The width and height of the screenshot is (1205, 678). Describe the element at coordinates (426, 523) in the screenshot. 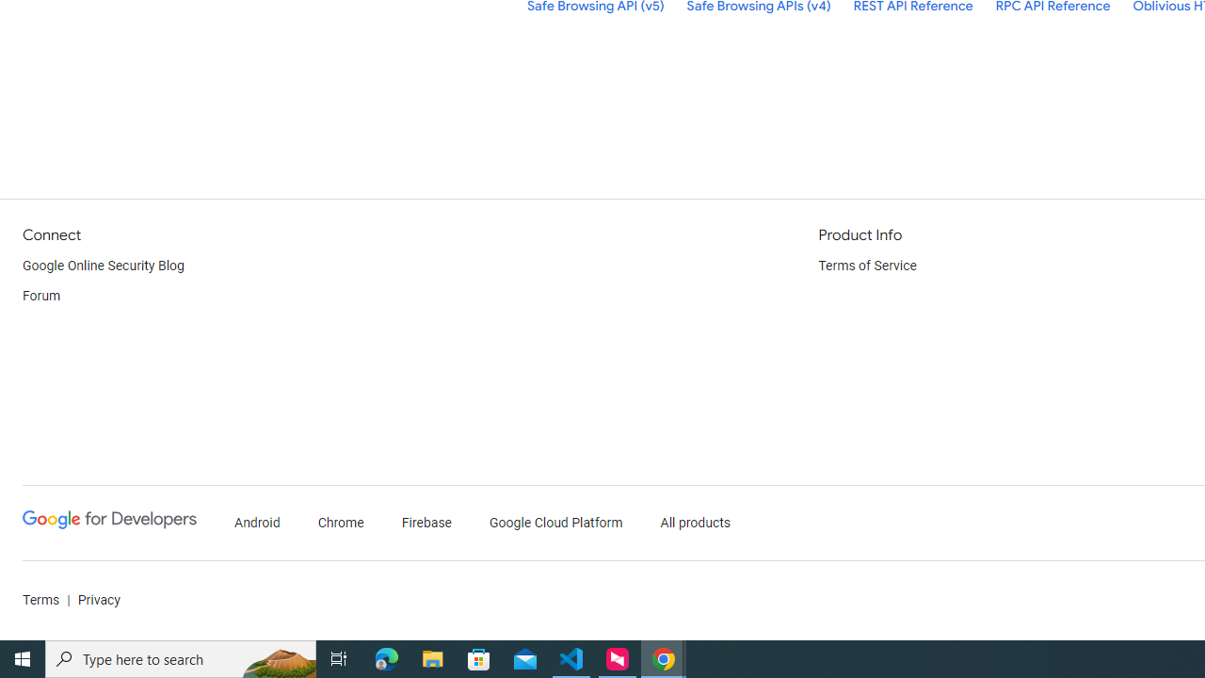

I see `'Firebase'` at that location.